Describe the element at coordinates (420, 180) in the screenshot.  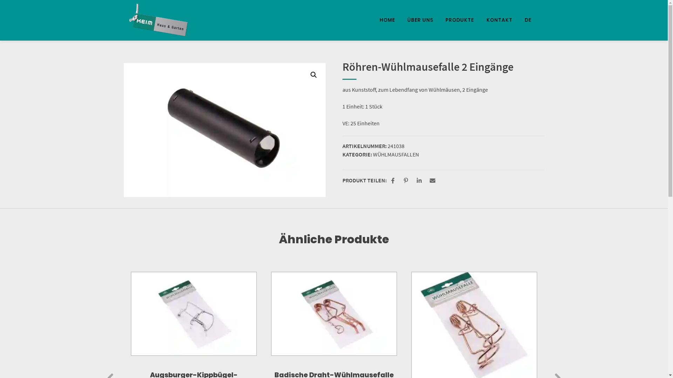
I see `'Bei LinkedIn teilen'` at that location.